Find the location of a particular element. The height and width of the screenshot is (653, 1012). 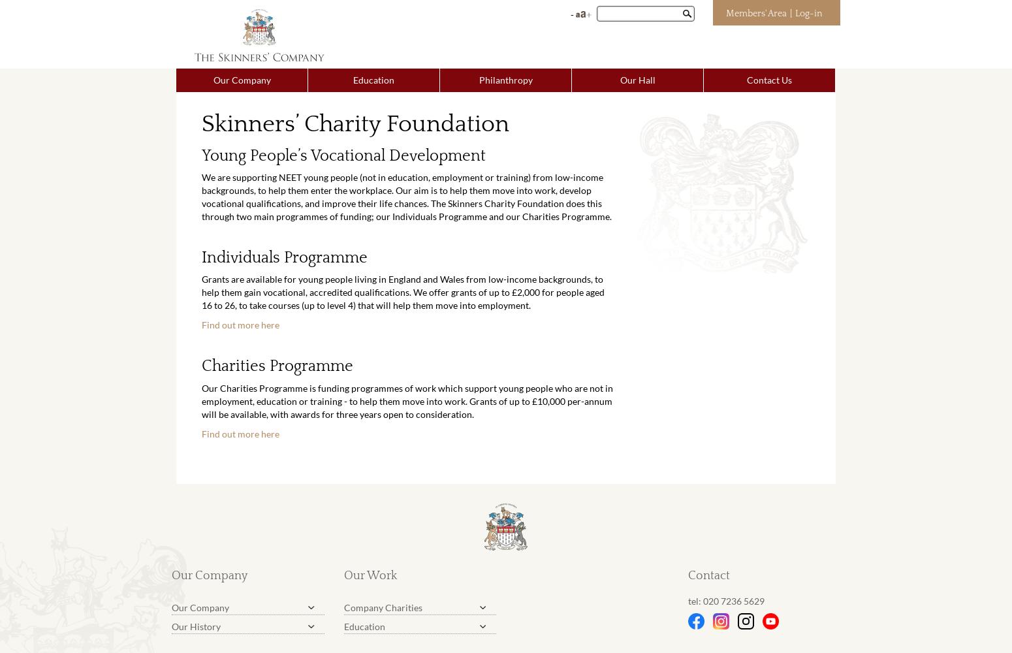

'Our History' is located at coordinates (196, 625).